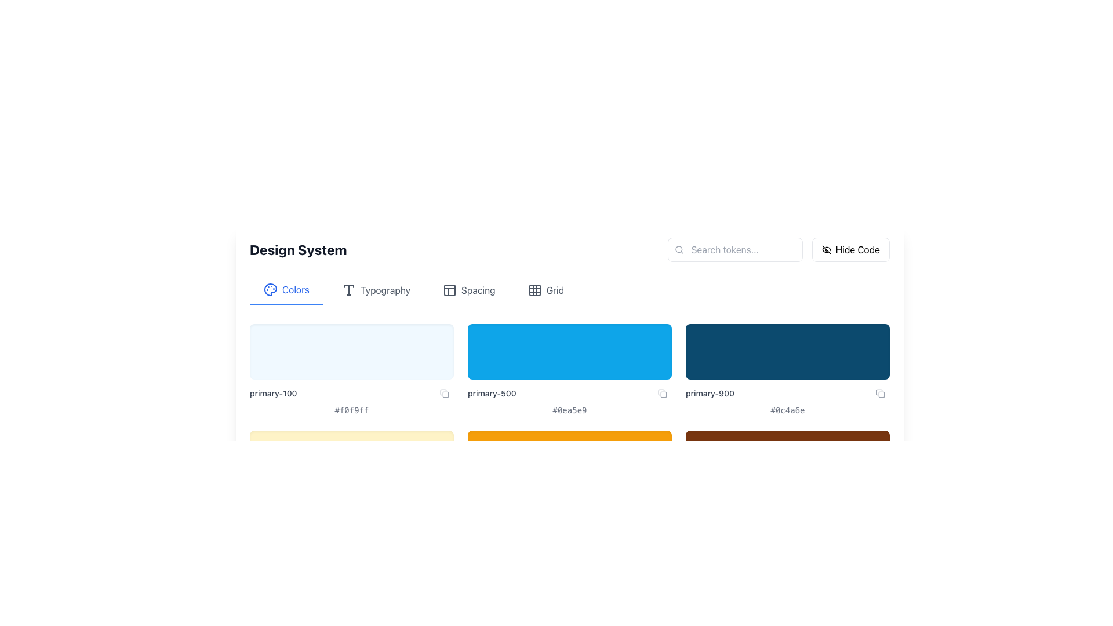 The image size is (1113, 626). What do you see at coordinates (787, 351) in the screenshot?
I see `the color swatch representing 'primary-900' located in the fourth column of the grid layout` at bounding box center [787, 351].